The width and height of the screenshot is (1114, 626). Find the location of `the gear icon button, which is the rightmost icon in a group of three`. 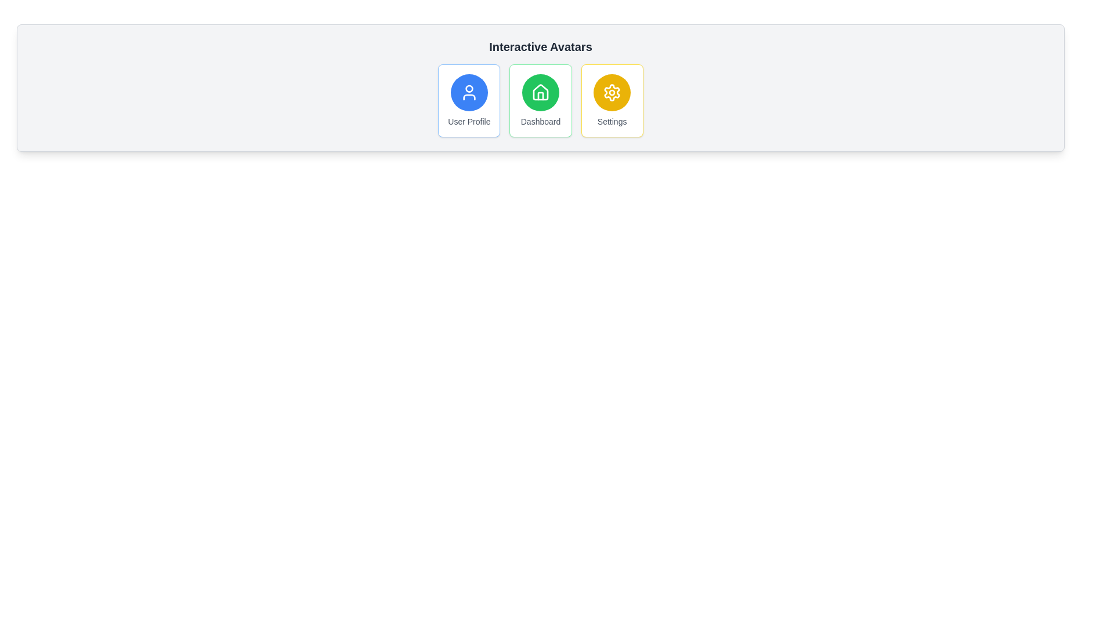

the gear icon button, which is the rightmost icon in a group of three is located at coordinates (612, 92).